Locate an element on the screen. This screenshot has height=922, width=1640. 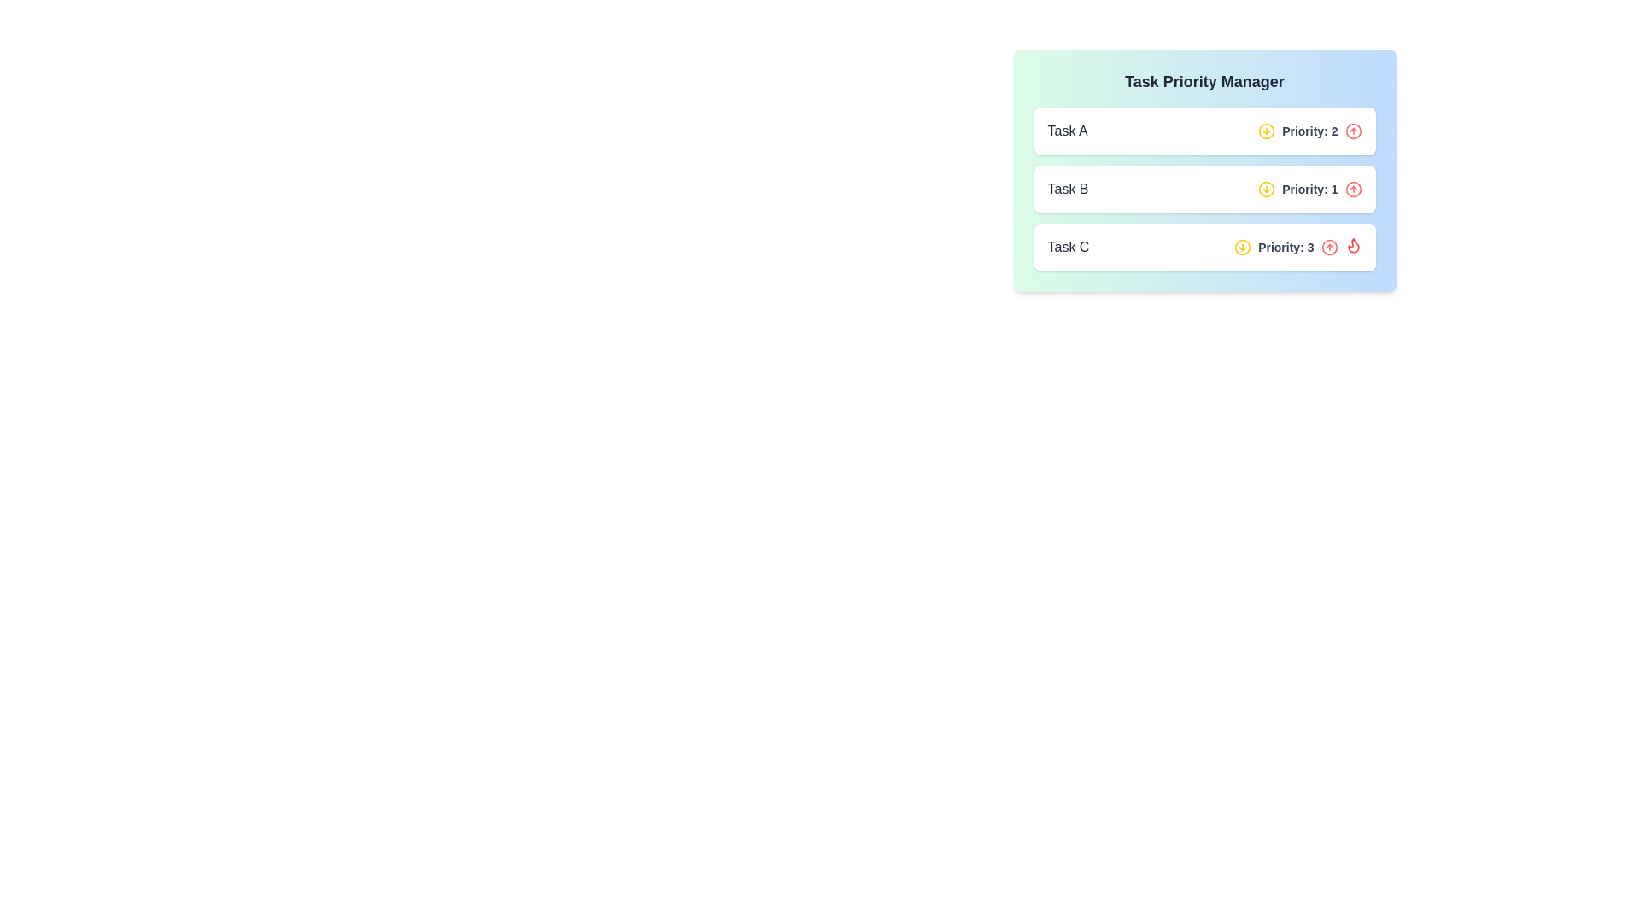
the icons within the card that displays information about 'Task C' with priority 3, located as the third card in a vertical series of cards is located at coordinates (1204, 247).